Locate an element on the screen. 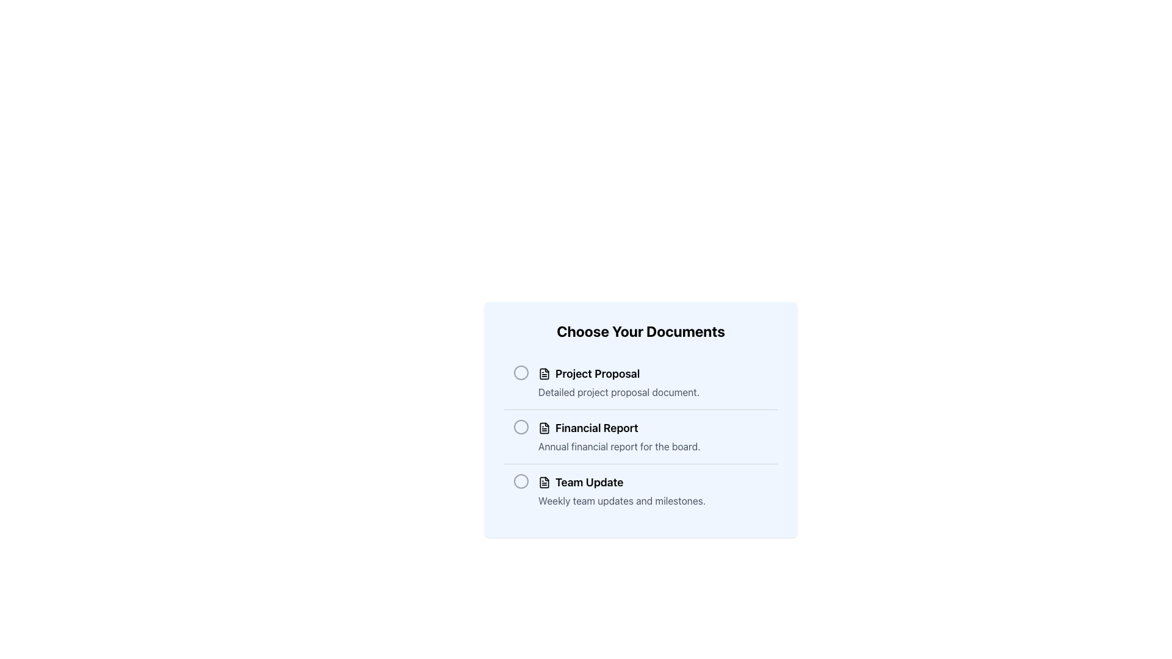  the second option item in the 'Choose Your Documents' list is located at coordinates (619, 436).